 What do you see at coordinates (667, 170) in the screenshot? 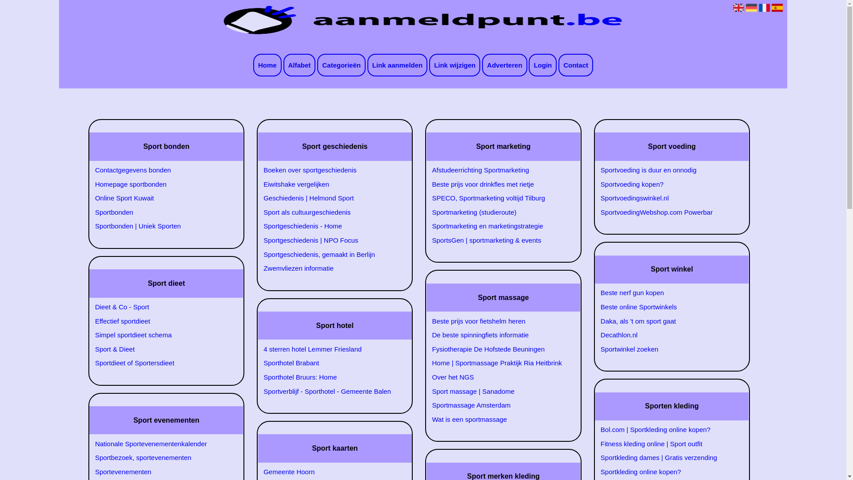
I see `'Sportvoeding is duur en onnodig'` at bounding box center [667, 170].